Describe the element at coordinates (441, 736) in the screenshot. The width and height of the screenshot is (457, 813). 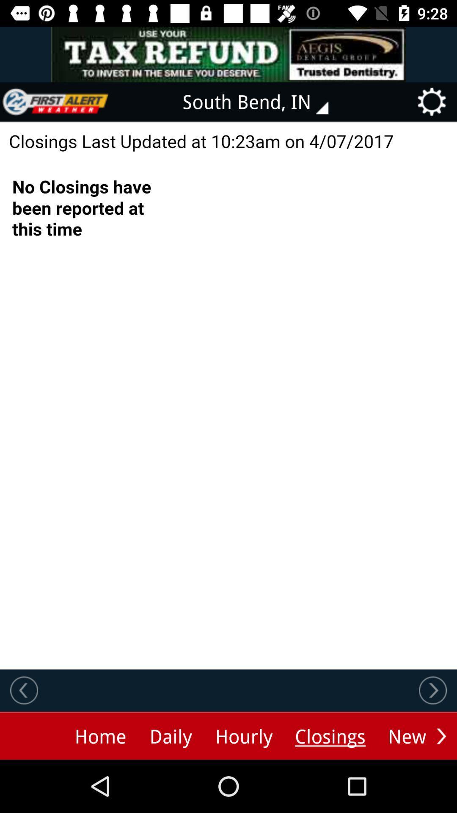
I see `the arrow_forward icon` at that location.